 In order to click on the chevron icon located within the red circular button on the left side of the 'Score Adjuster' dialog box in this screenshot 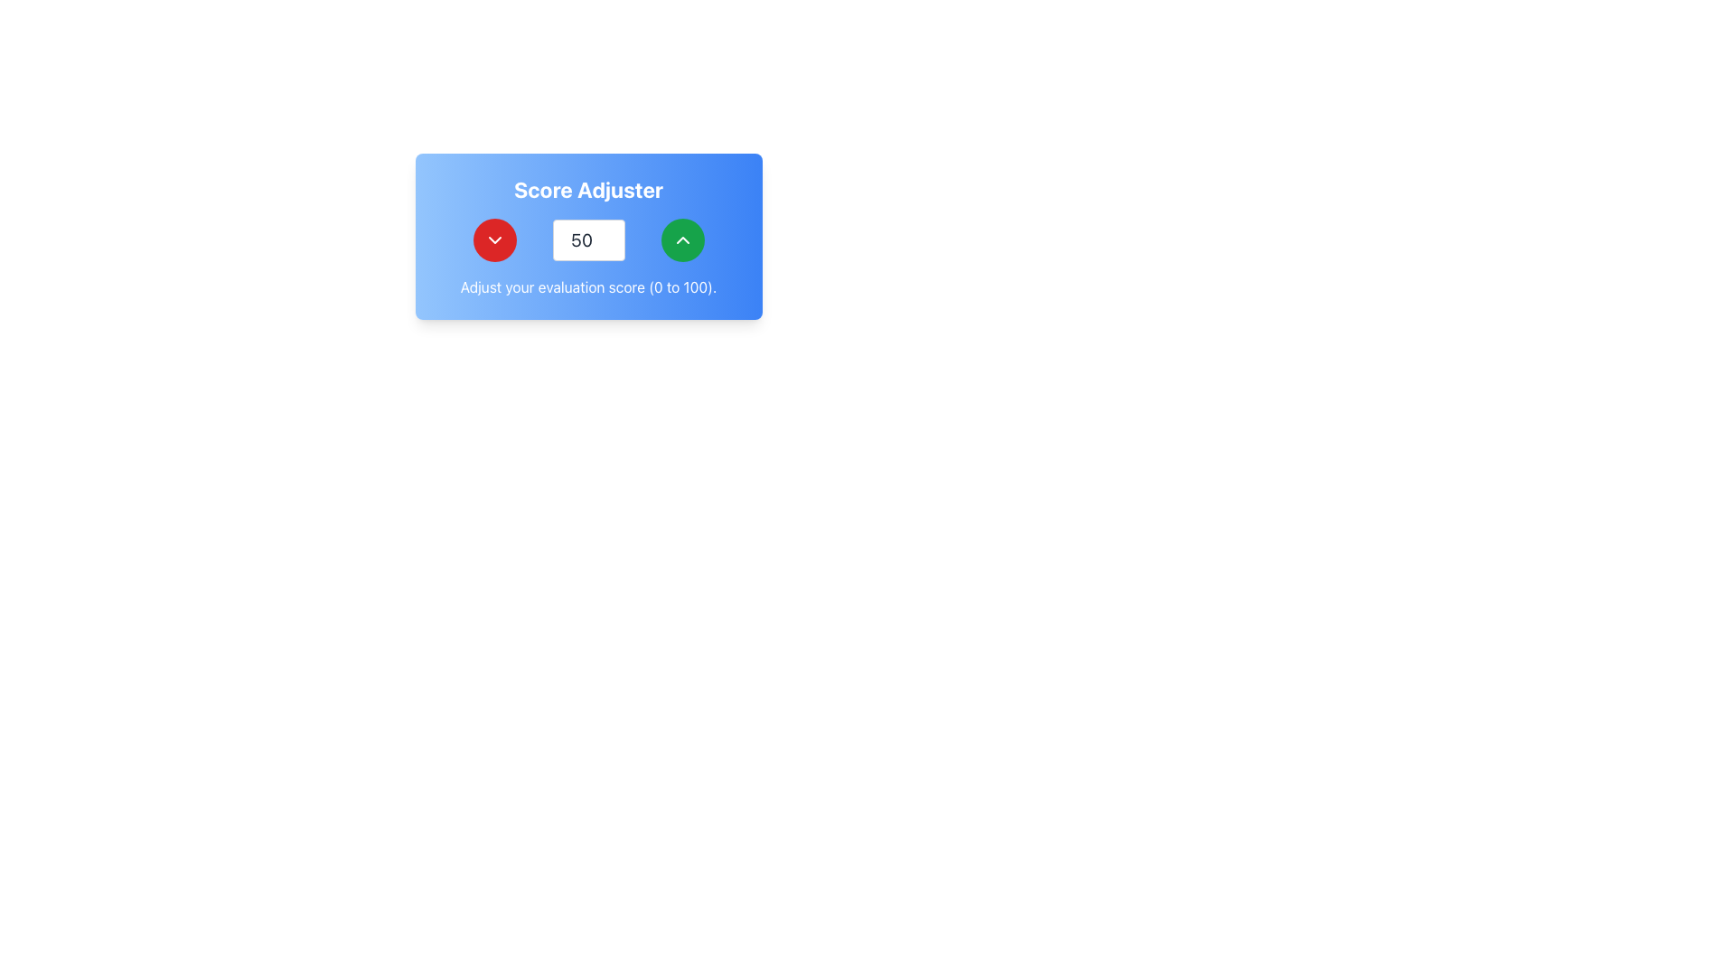, I will do `click(494, 239)`.